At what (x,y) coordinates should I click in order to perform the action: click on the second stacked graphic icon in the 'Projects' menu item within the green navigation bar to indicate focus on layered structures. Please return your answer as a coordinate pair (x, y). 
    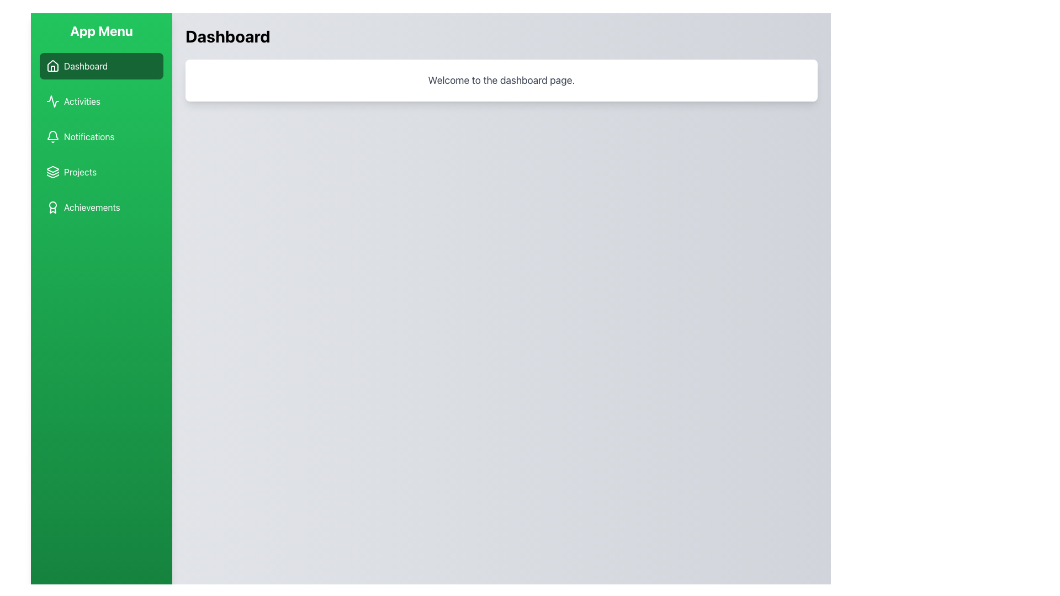
    Looking at the image, I should click on (52, 173).